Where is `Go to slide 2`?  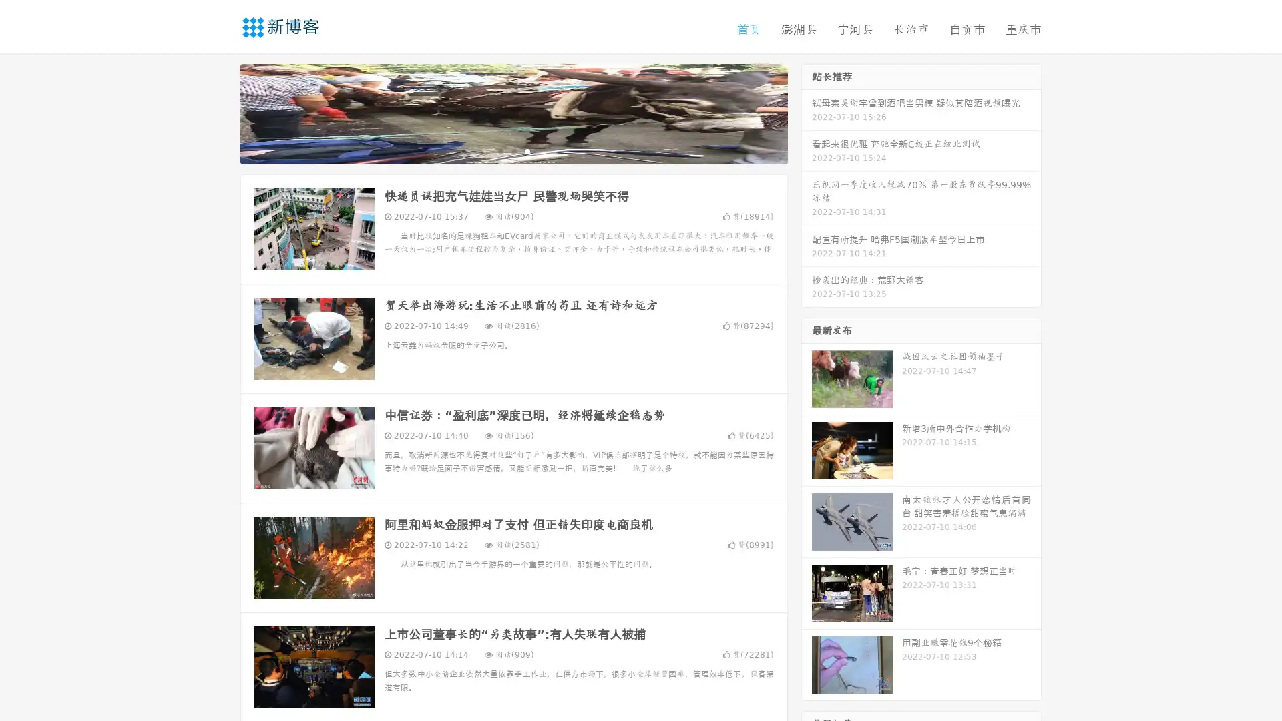 Go to slide 2 is located at coordinates (513, 150).